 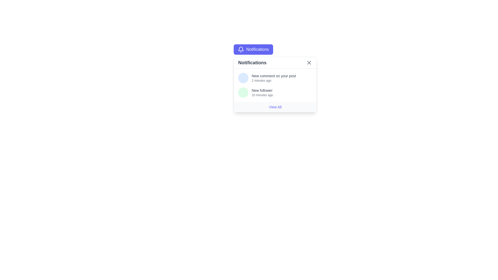 What do you see at coordinates (275, 107) in the screenshot?
I see `the 'View All' hyperlink, which is styled with indigo text and appears at the bottom-center of the notification dropdown panel` at bounding box center [275, 107].